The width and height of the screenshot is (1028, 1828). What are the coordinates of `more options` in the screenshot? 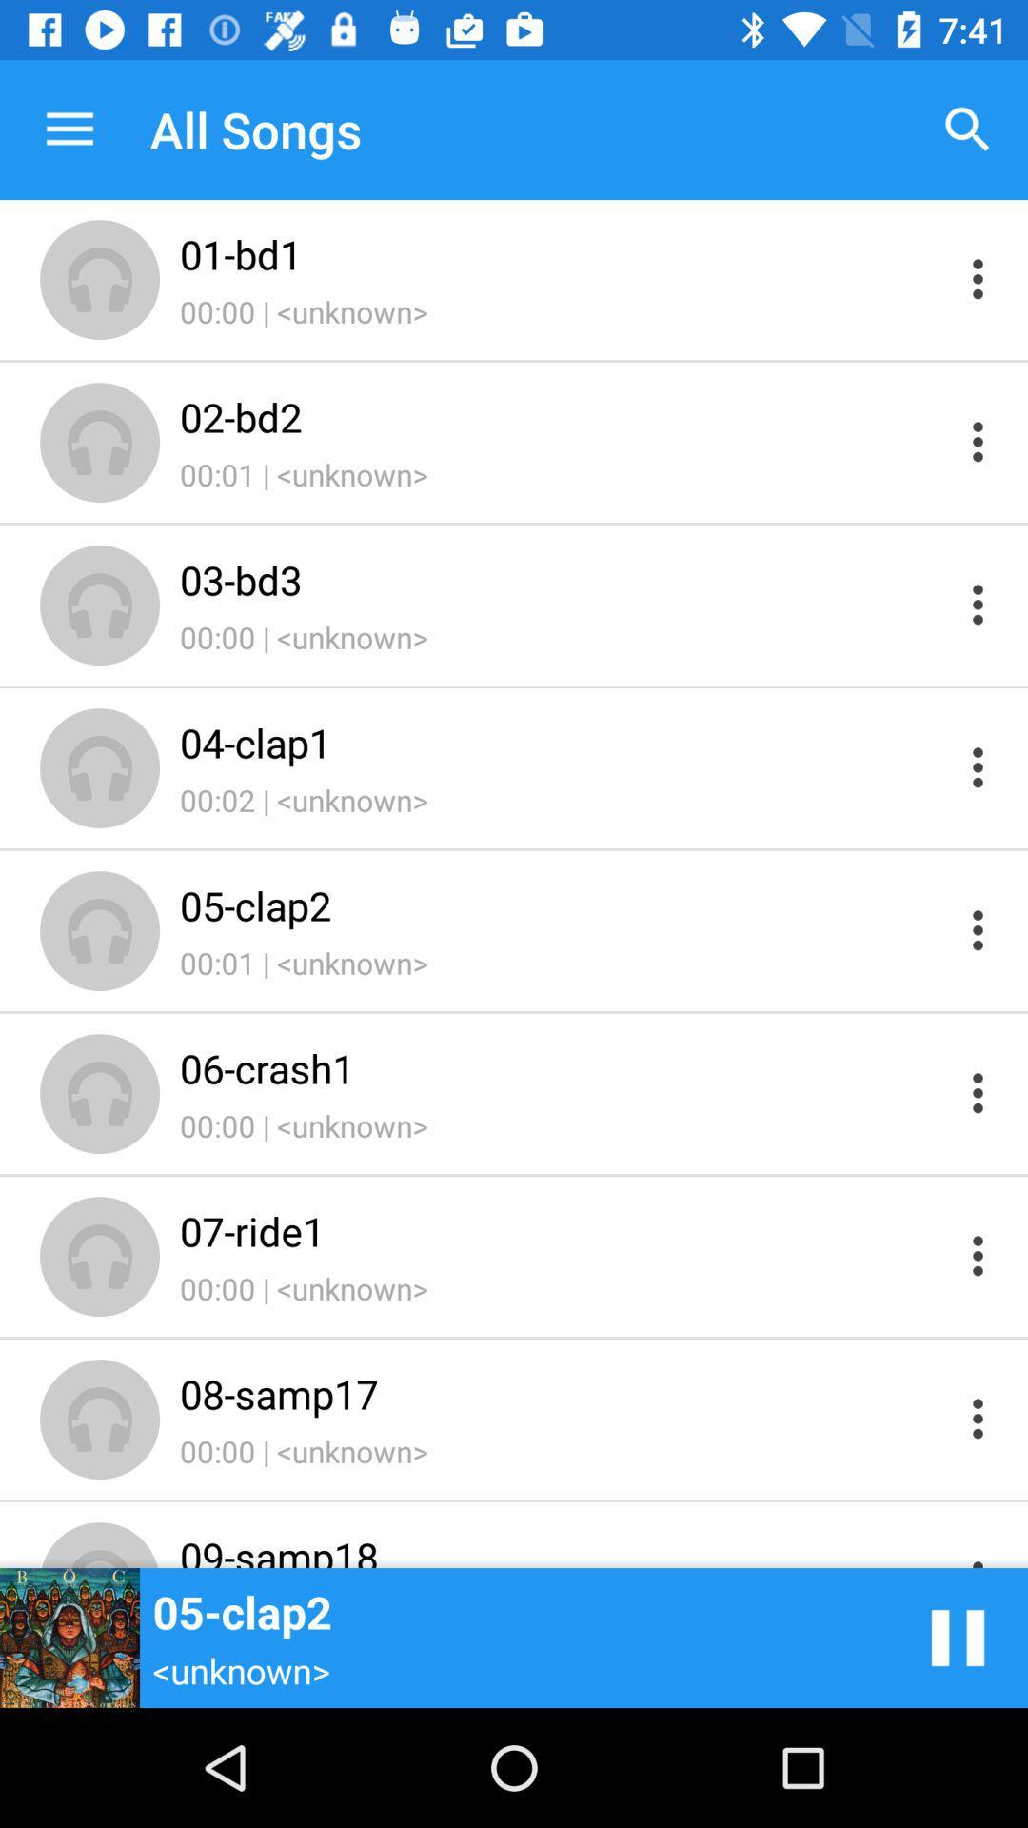 It's located at (978, 604).